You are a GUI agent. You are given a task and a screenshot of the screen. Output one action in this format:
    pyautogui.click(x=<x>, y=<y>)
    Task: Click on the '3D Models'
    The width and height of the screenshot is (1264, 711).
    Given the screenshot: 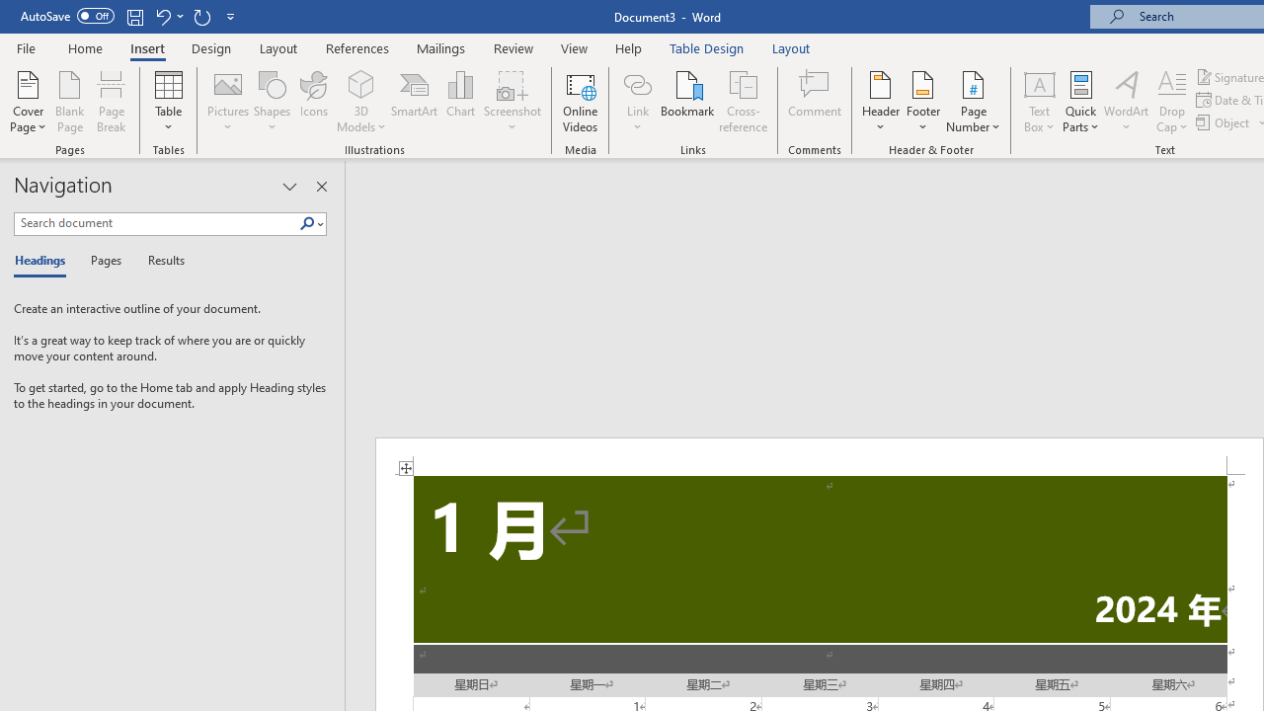 What is the action you would take?
    pyautogui.click(x=361, y=83)
    